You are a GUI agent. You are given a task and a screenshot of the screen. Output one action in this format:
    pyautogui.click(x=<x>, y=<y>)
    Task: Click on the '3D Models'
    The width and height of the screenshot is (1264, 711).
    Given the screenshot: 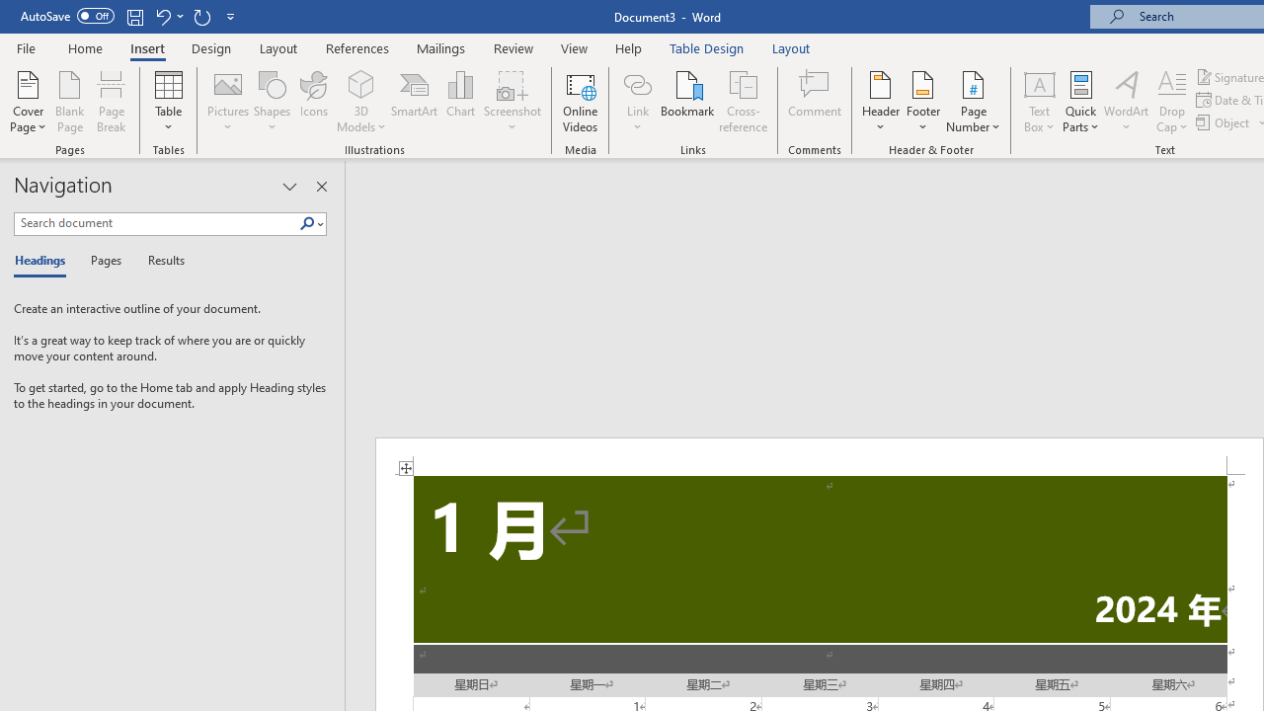 What is the action you would take?
    pyautogui.click(x=361, y=83)
    